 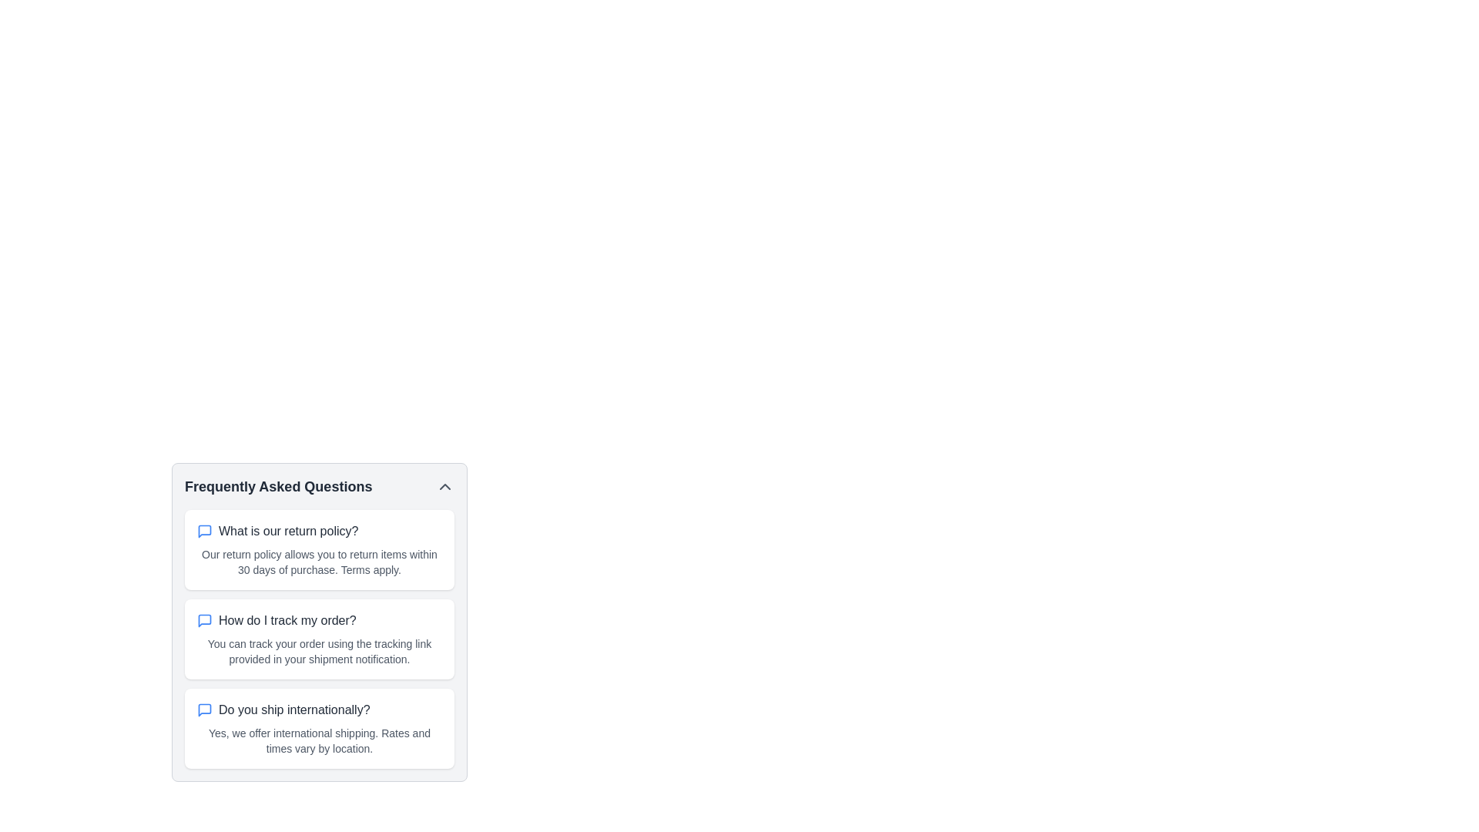 I want to click on the FAQ icon indicating the question 'What is our return policy?' located to the left of the text, so click(x=203, y=531).